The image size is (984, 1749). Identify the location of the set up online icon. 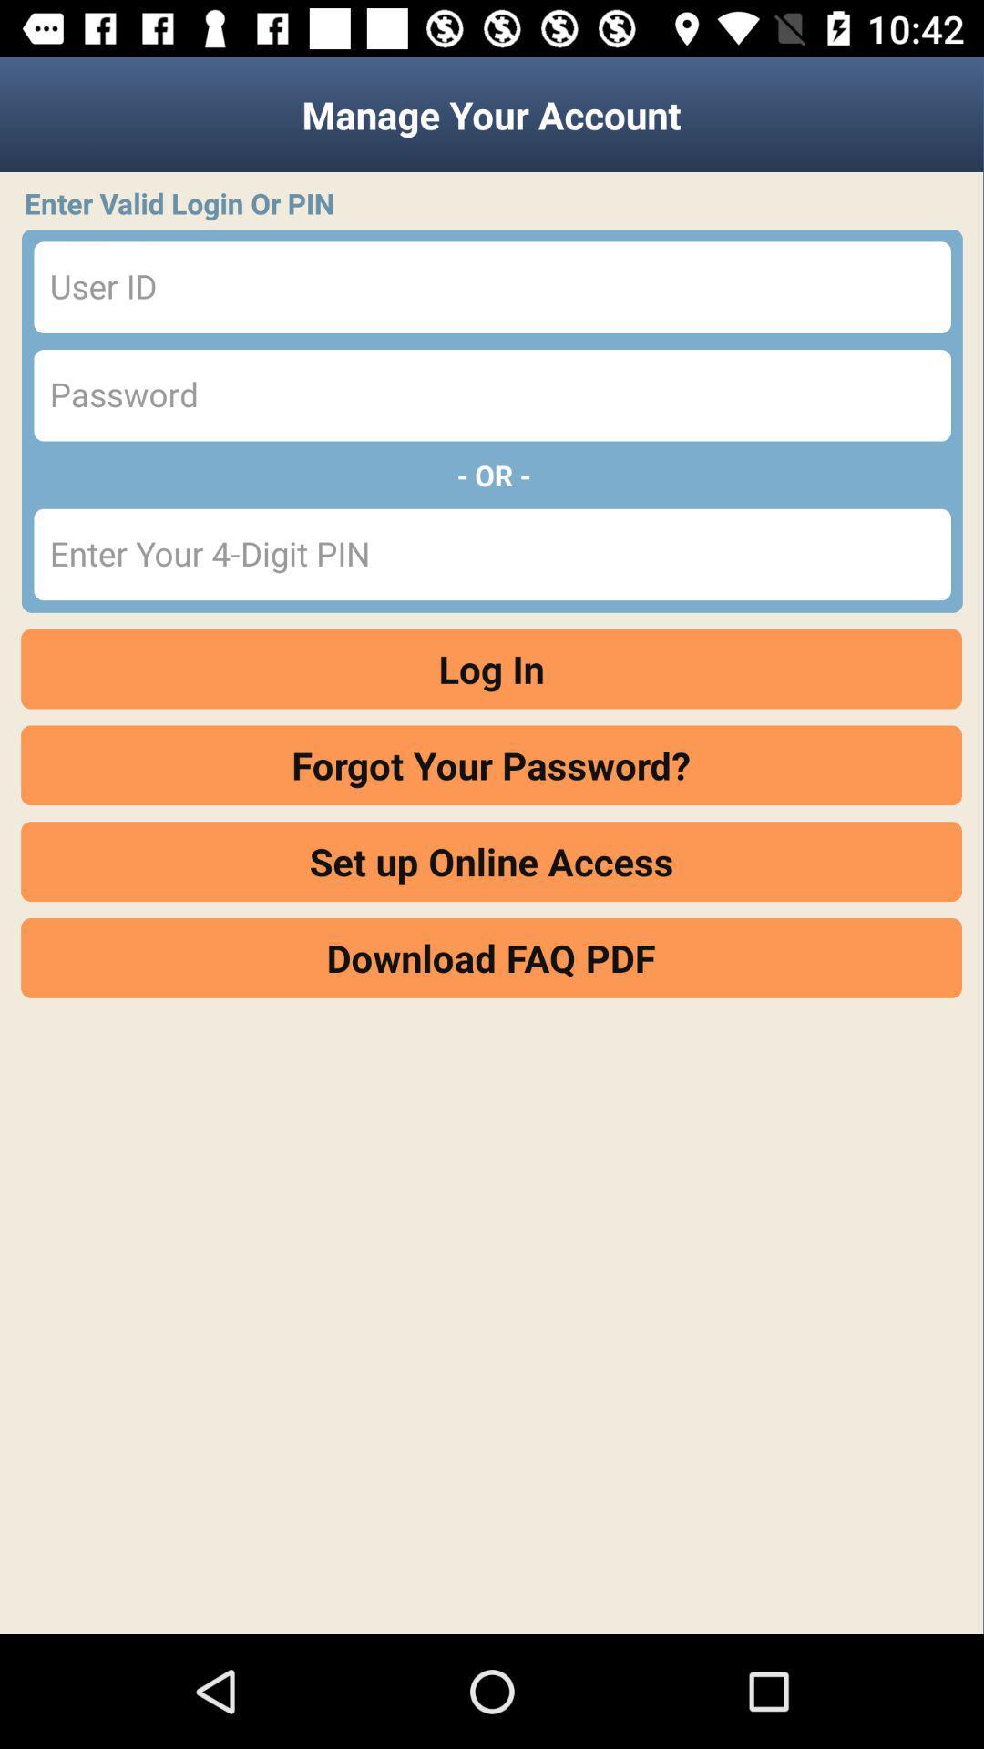
(490, 861).